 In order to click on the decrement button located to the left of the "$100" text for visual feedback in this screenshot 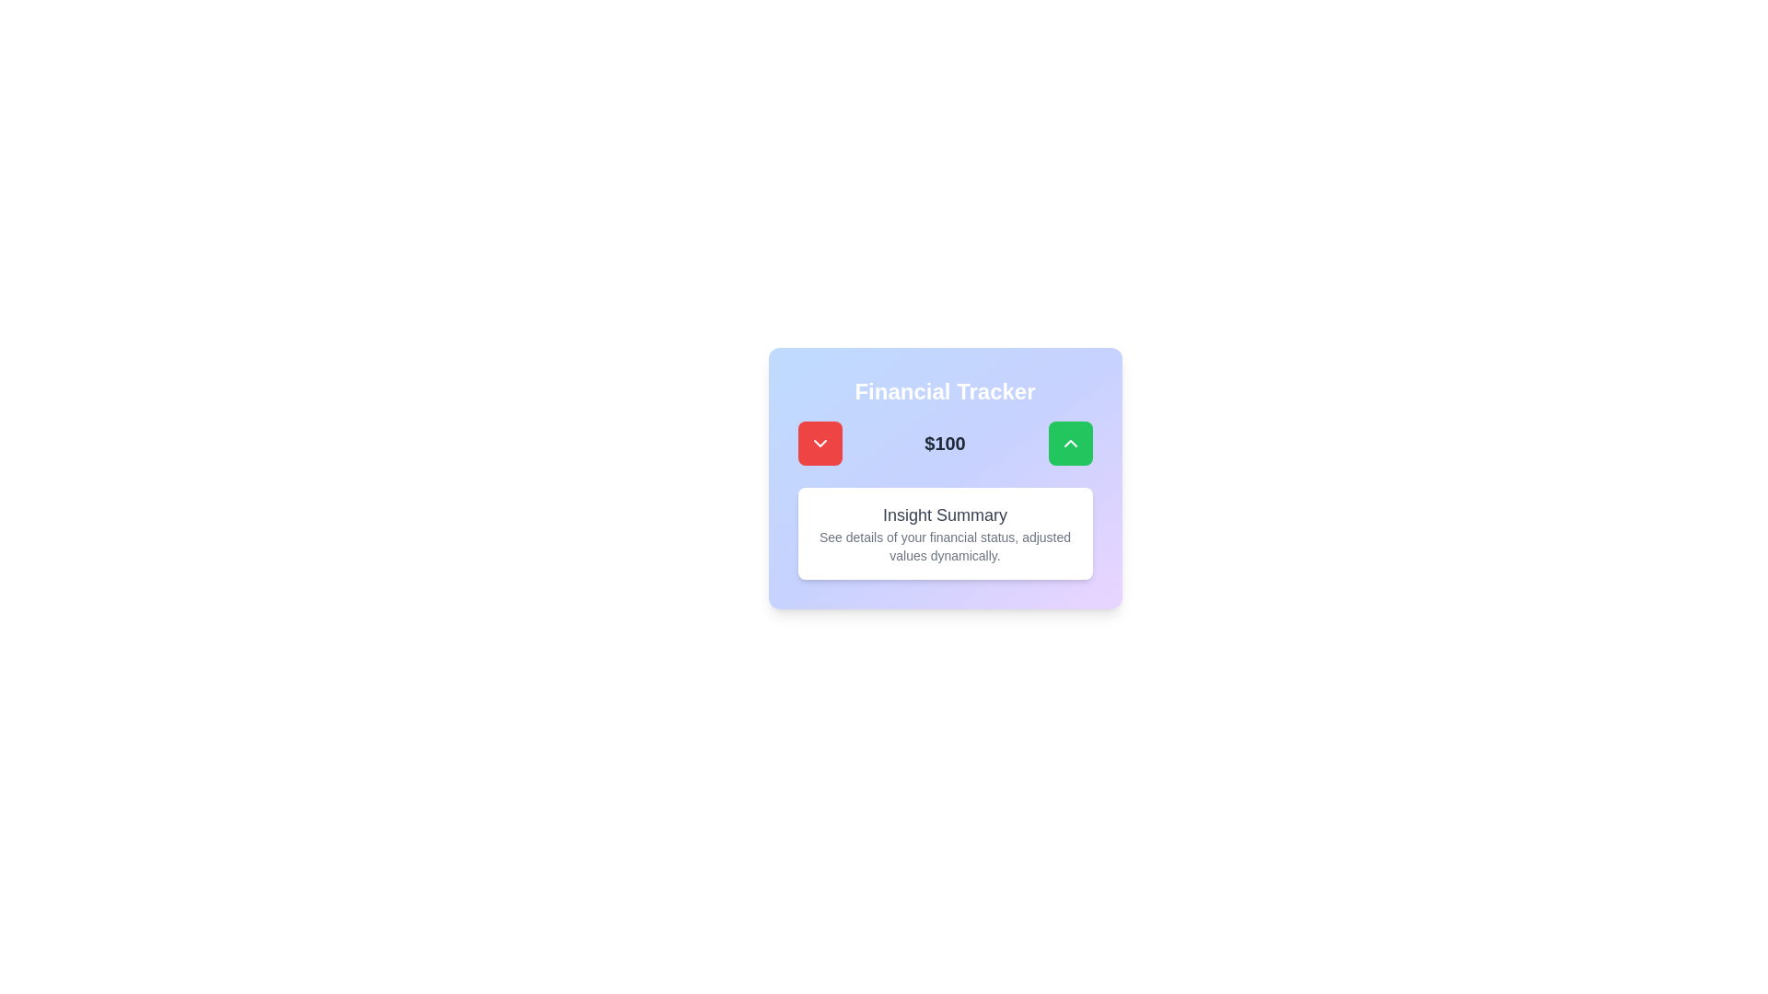, I will do `click(819, 444)`.